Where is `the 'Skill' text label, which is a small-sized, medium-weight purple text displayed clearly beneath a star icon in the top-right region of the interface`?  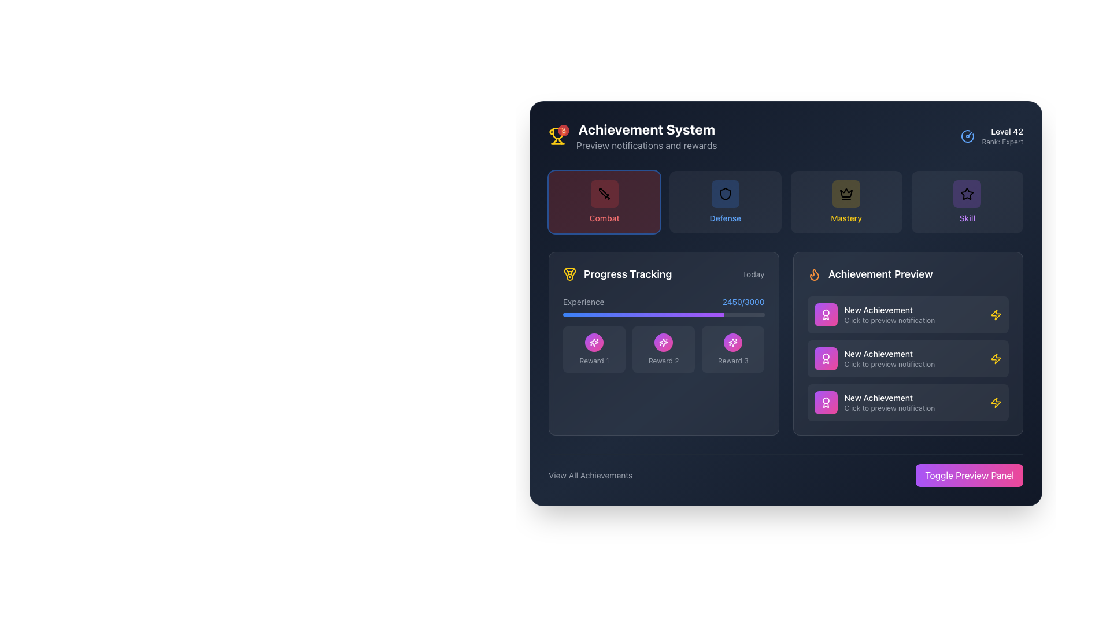 the 'Skill' text label, which is a small-sized, medium-weight purple text displayed clearly beneath a star icon in the top-right region of the interface is located at coordinates (967, 218).